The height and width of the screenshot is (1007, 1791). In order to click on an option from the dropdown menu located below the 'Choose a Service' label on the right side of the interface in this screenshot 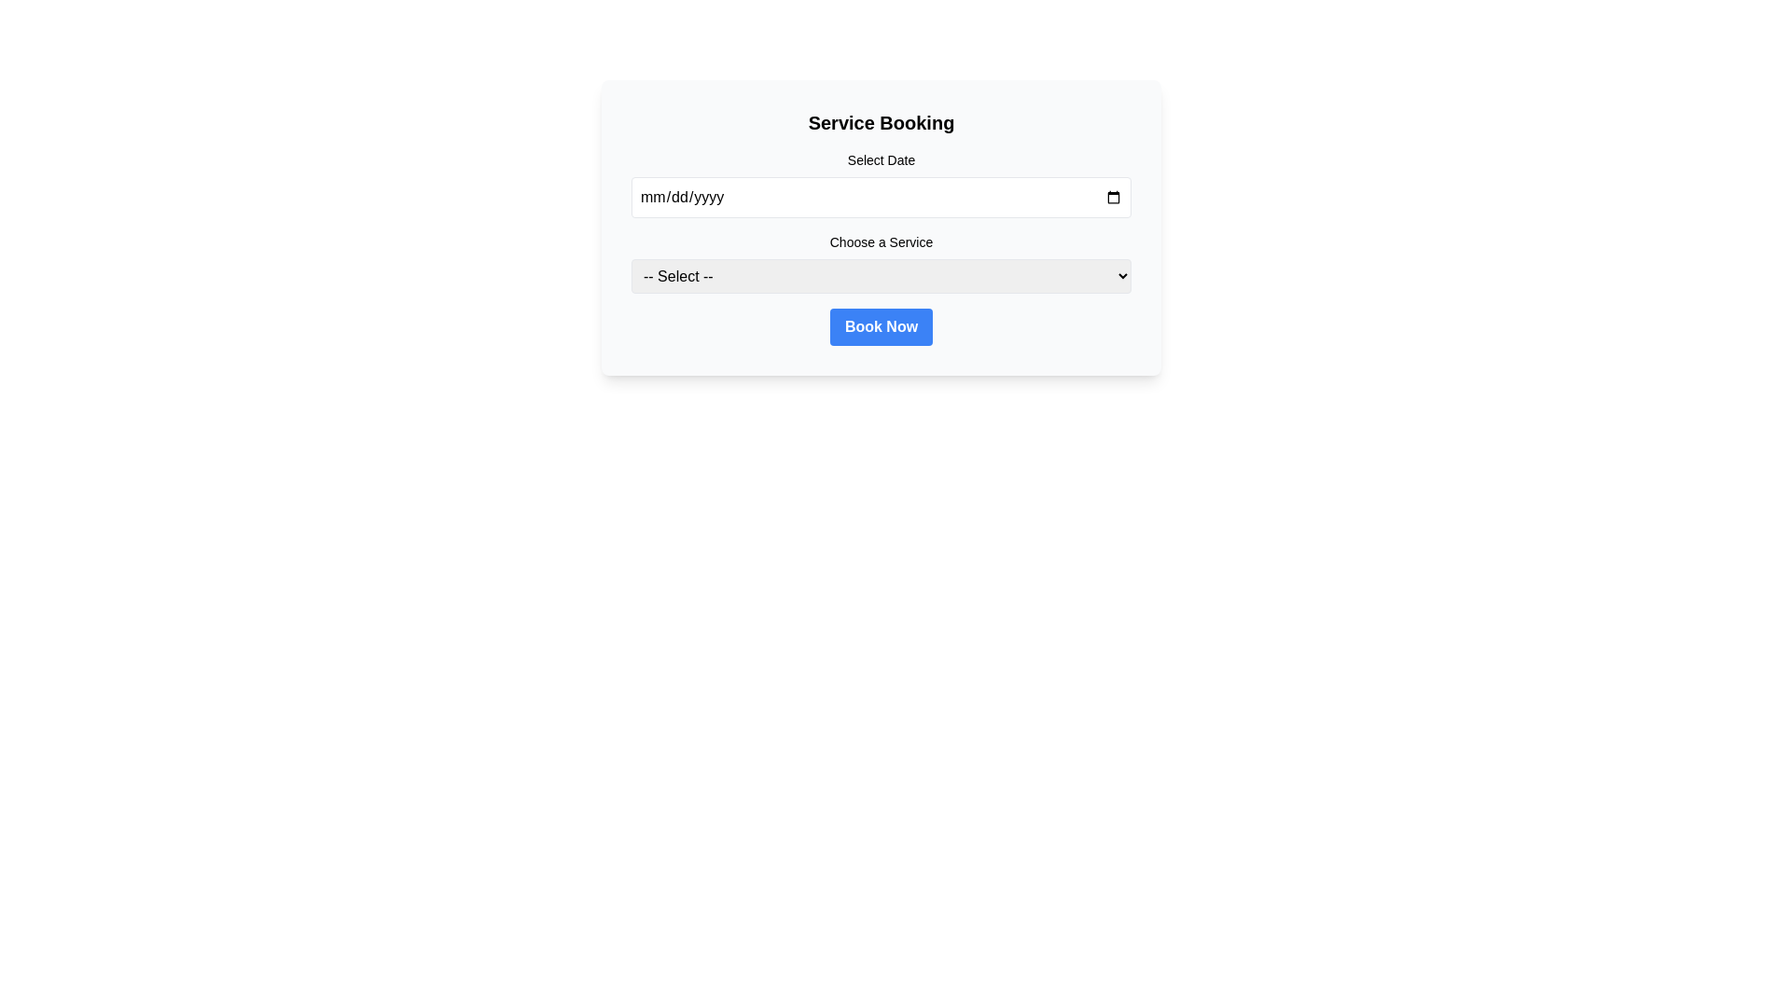, I will do `click(881, 276)`.